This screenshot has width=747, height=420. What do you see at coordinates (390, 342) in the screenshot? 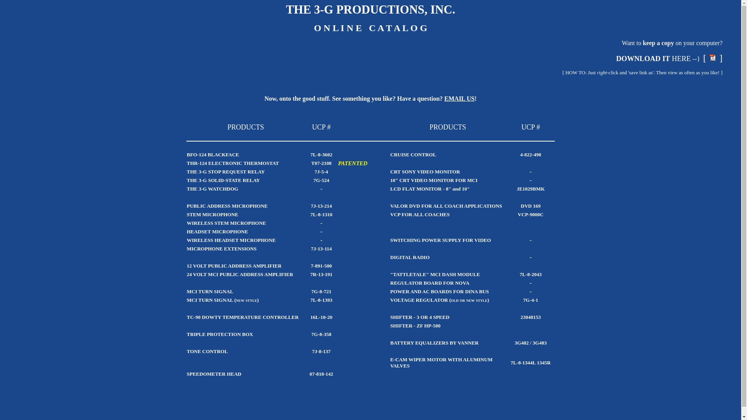
I see `'BATTERY EQUALIZERS'` at bounding box center [390, 342].